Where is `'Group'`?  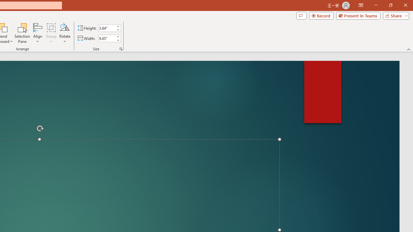
'Group' is located at coordinates (51, 33).